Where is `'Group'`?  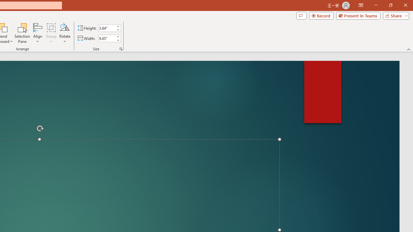
'Group' is located at coordinates (51, 33).